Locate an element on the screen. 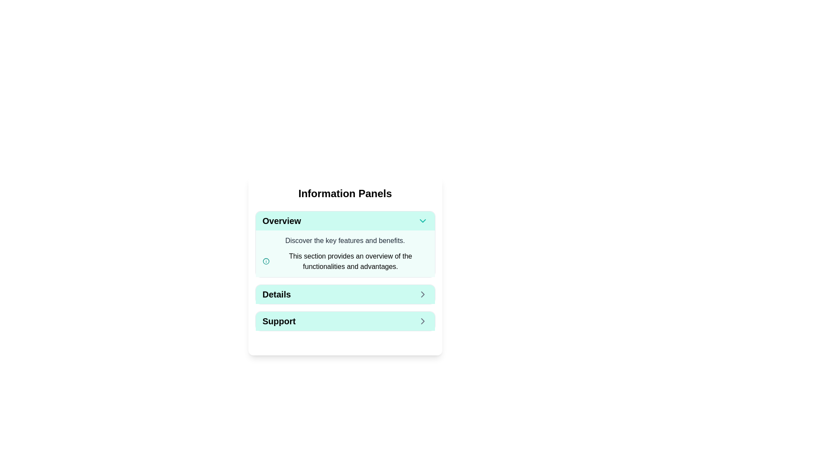  paragraph text displaying 'This section provides an overview of the functionalities and advantages.' located in the 'Overview' panel, beneath the description text and next to the information icon is located at coordinates (350, 261).